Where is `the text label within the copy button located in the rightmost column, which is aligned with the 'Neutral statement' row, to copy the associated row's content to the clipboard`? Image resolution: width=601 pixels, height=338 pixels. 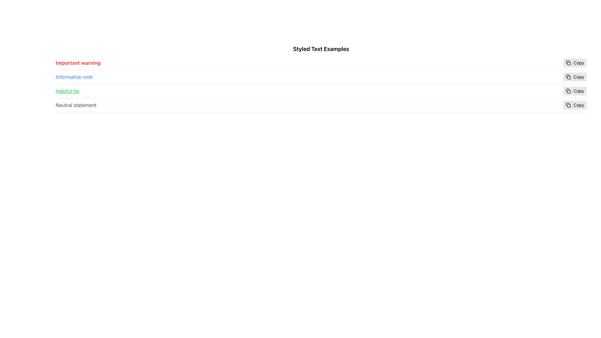 the text label within the copy button located in the rightmost column, which is aligned with the 'Neutral statement' row, to copy the associated row's content to the clipboard is located at coordinates (578, 91).